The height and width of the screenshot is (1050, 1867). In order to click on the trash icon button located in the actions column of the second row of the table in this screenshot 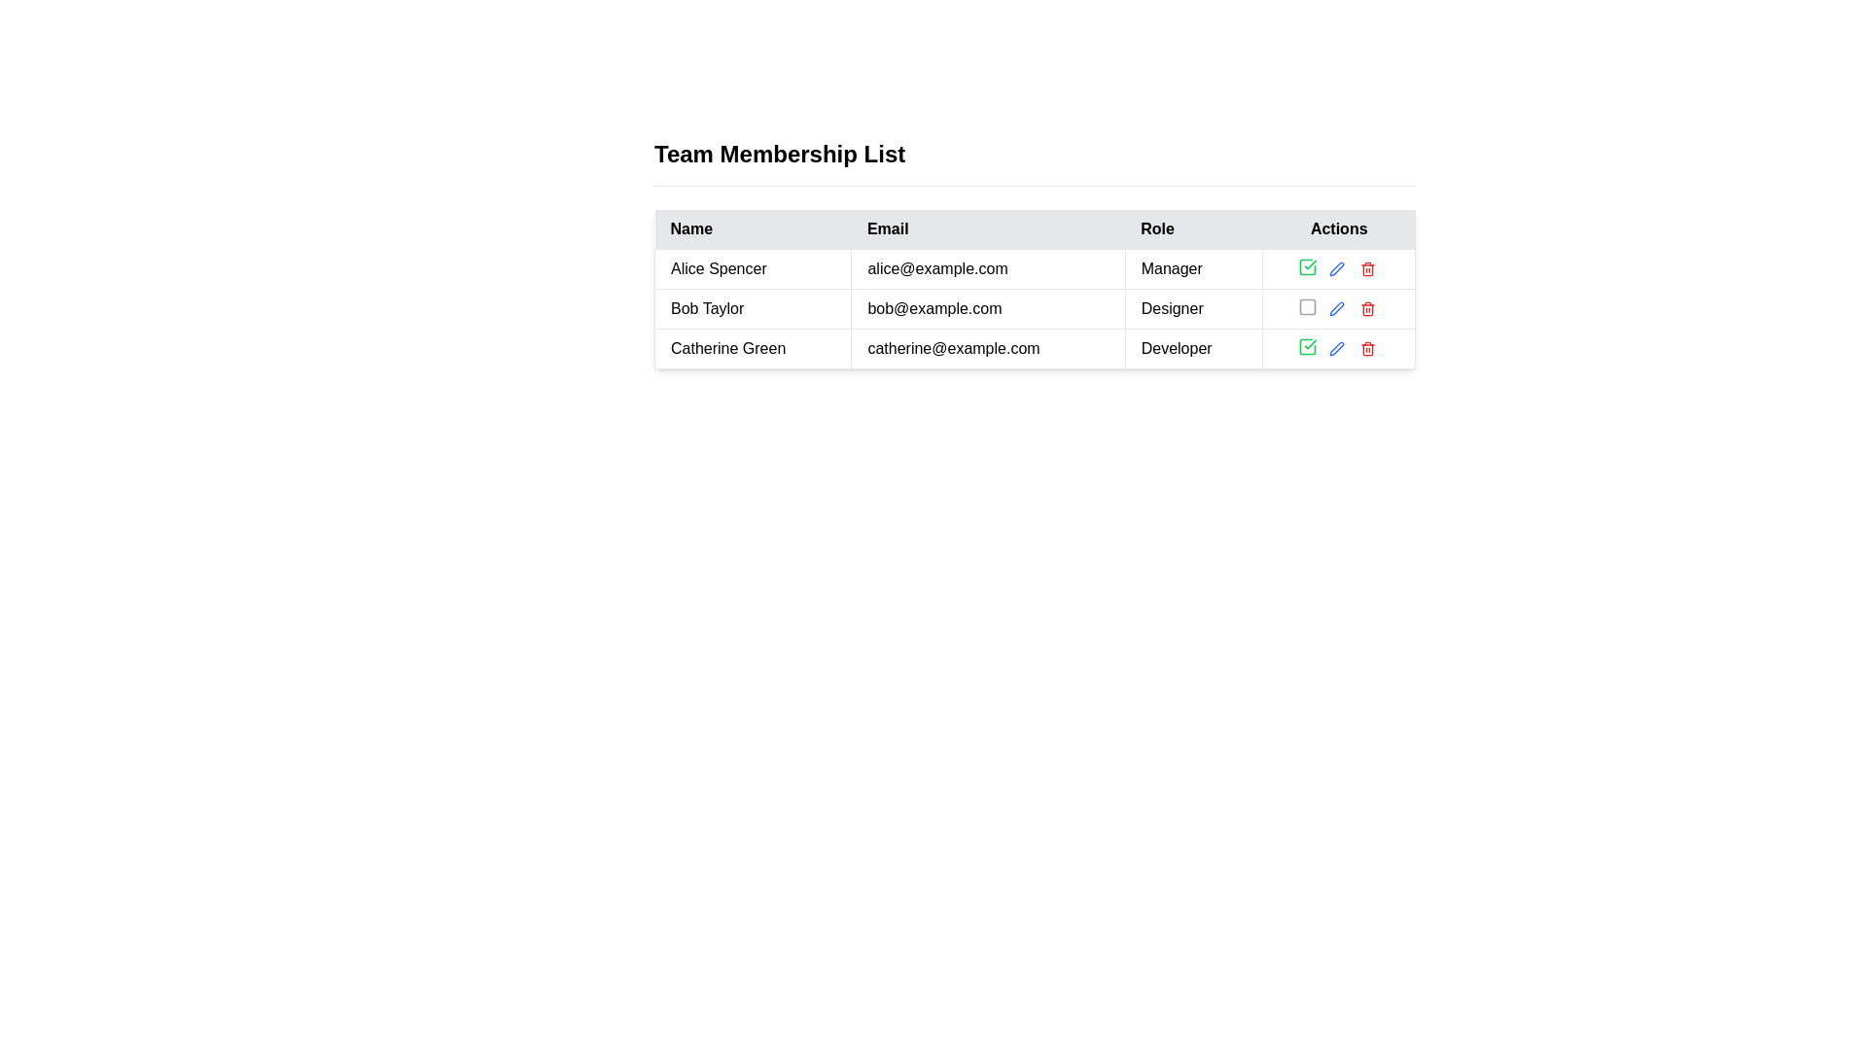, I will do `click(1367, 307)`.